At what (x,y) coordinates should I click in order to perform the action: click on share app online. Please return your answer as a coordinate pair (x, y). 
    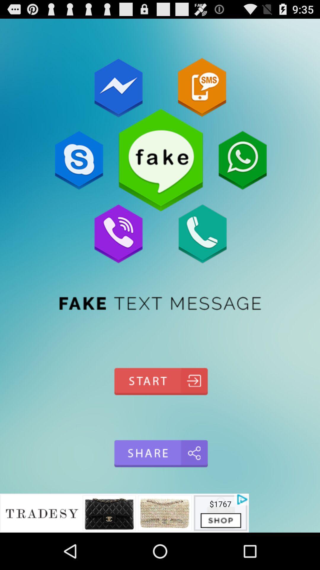
    Looking at the image, I should click on (160, 453).